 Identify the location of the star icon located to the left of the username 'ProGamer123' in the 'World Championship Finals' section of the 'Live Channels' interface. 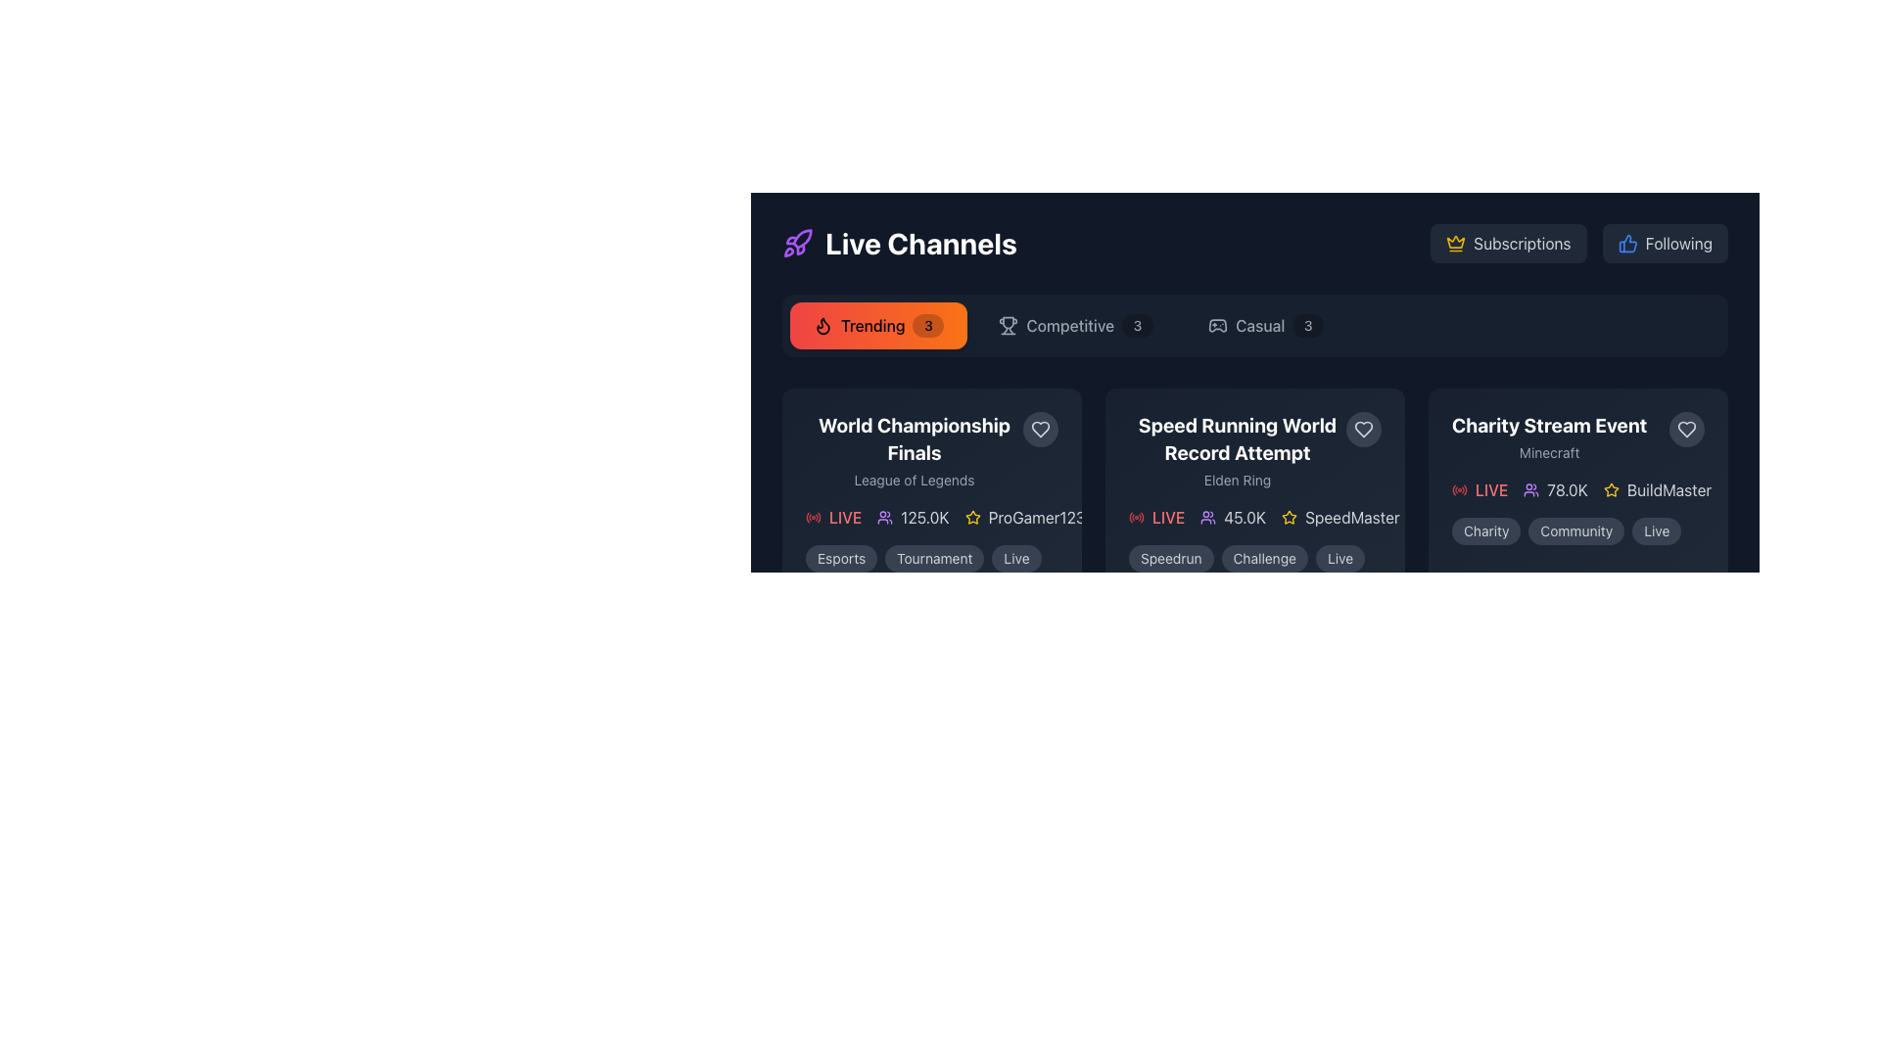
(972, 516).